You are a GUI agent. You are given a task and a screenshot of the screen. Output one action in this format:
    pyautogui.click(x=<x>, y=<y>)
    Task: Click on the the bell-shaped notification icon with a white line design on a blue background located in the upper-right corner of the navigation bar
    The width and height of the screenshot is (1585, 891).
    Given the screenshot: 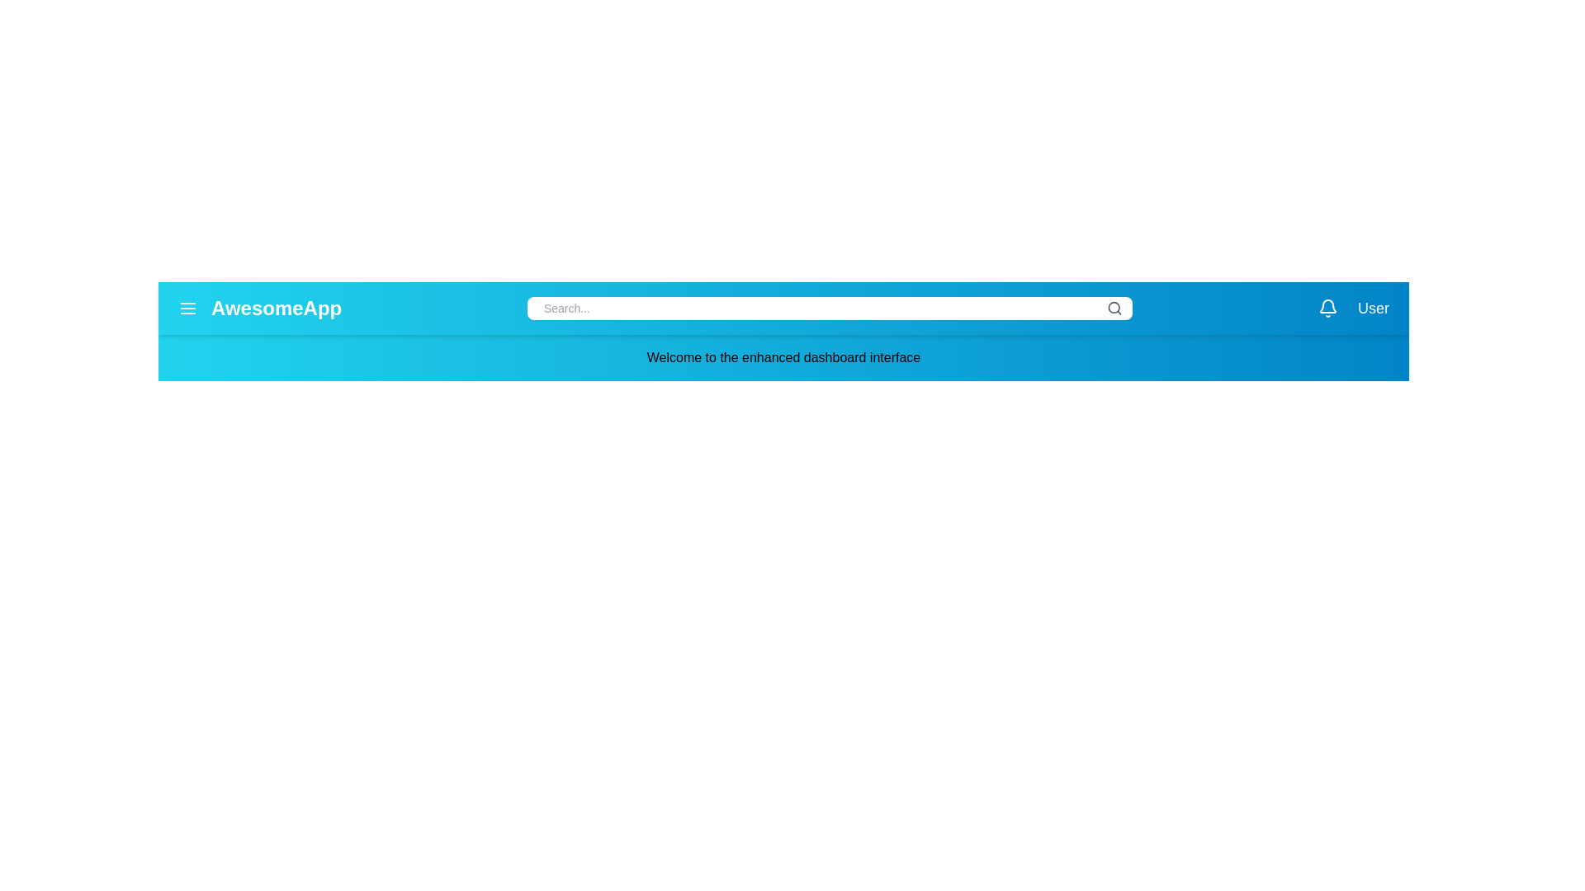 What is the action you would take?
    pyautogui.click(x=1327, y=309)
    